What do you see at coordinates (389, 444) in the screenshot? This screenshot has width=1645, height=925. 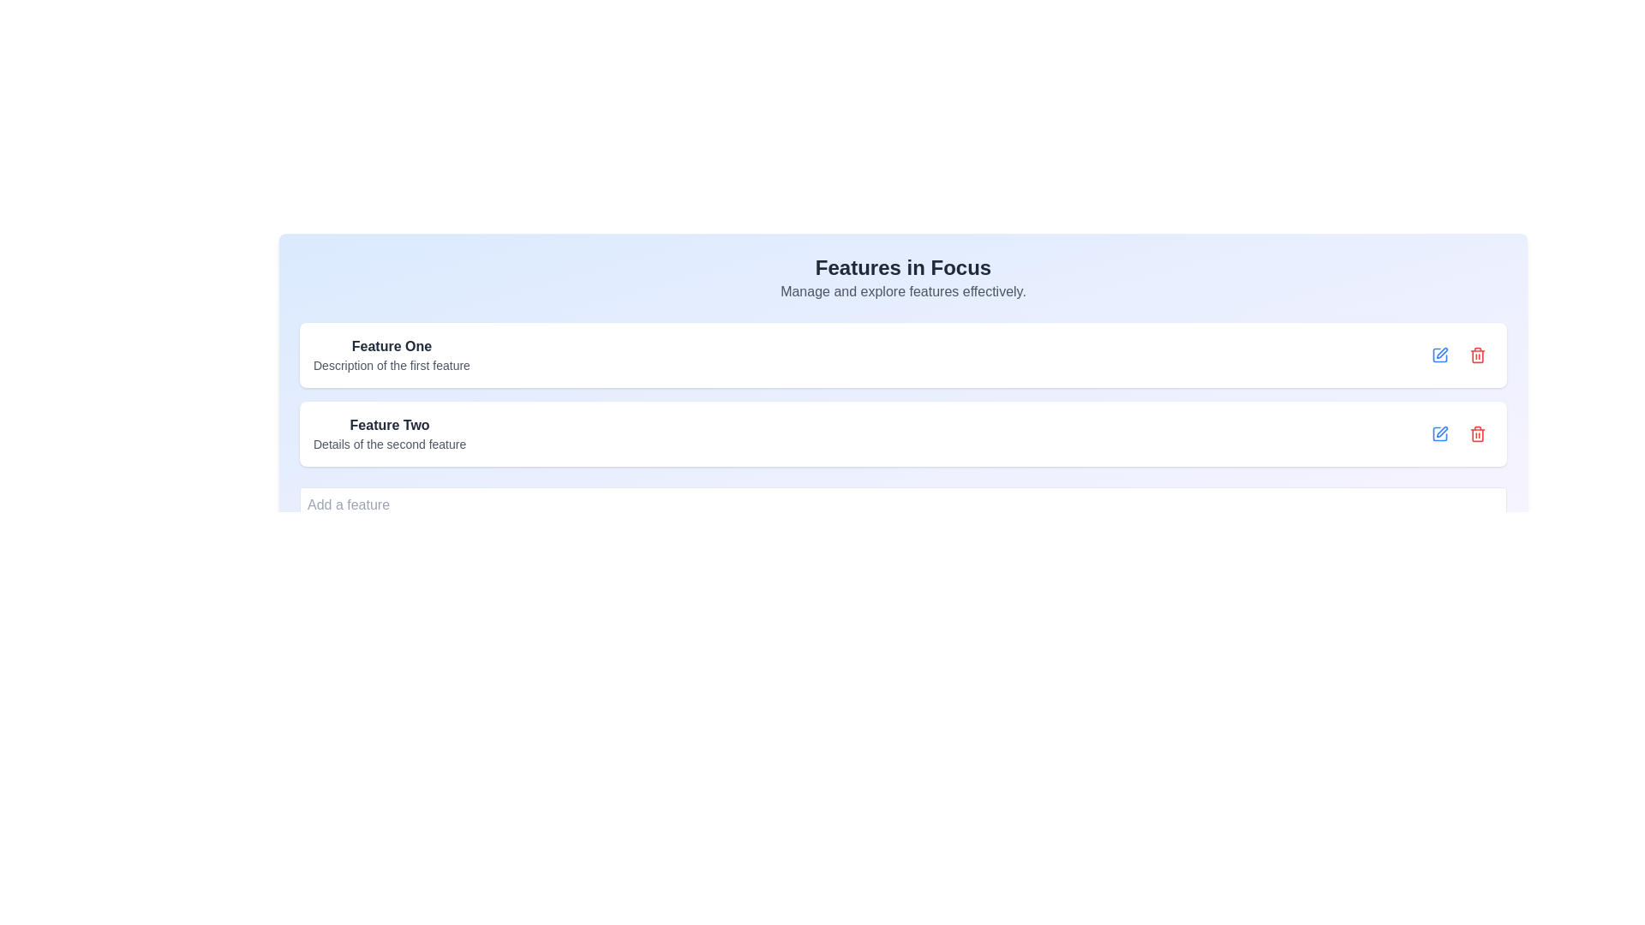 I see `the non-interactive text label providing additional details about 'Feature Two', which is located directly below the 'Feature Two' text` at bounding box center [389, 444].